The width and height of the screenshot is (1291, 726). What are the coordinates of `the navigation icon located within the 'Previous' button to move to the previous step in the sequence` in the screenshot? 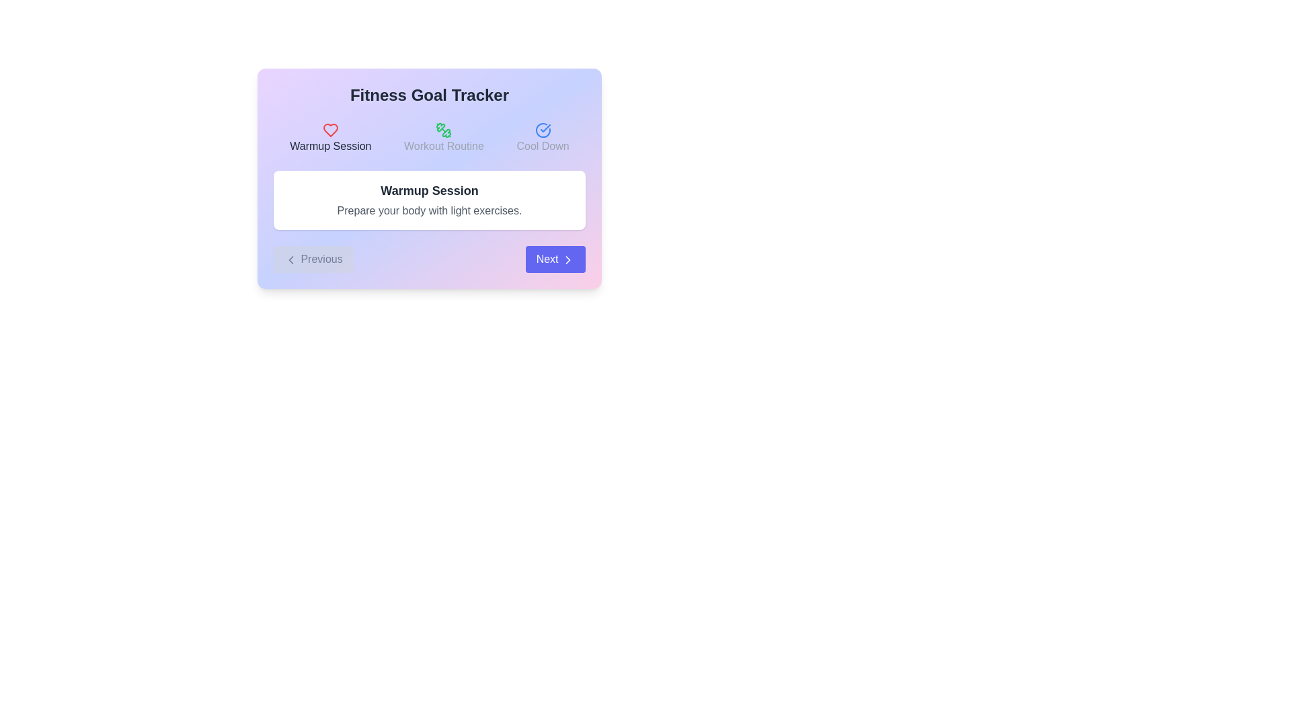 It's located at (290, 259).